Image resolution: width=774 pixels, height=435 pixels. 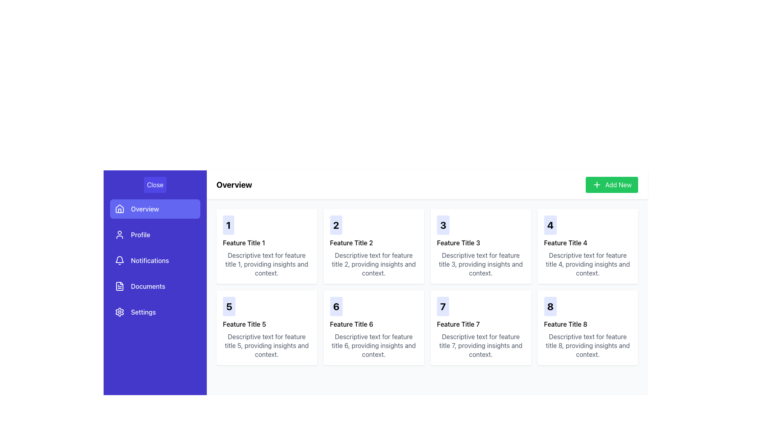 I want to click on the text 'Add New' which is located within the light green button in the top-right section of the interface, so click(x=618, y=185).